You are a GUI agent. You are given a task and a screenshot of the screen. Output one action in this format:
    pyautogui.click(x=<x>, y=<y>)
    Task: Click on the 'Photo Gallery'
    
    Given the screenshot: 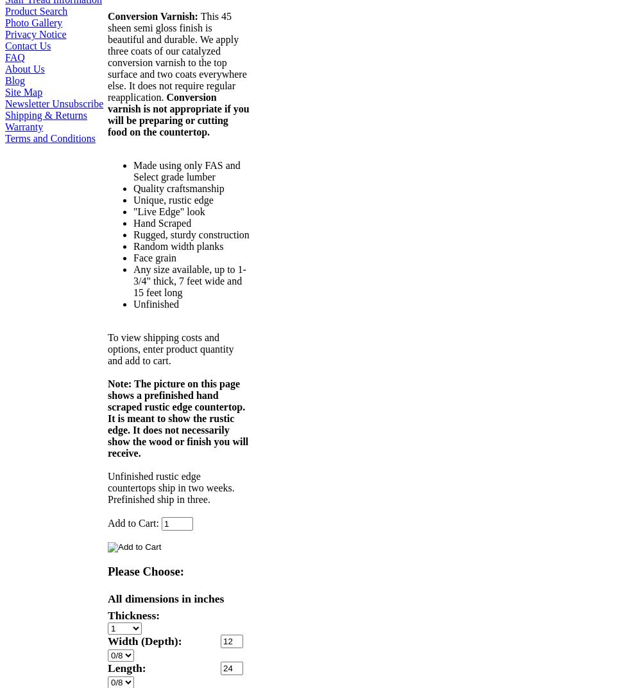 What is the action you would take?
    pyautogui.click(x=5, y=21)
    